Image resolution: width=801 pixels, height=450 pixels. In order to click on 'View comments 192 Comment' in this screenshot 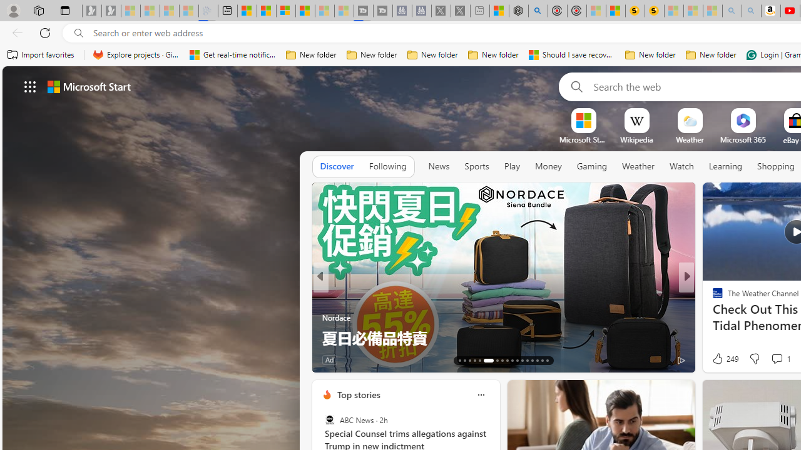, I will do `click(772, 359)`.